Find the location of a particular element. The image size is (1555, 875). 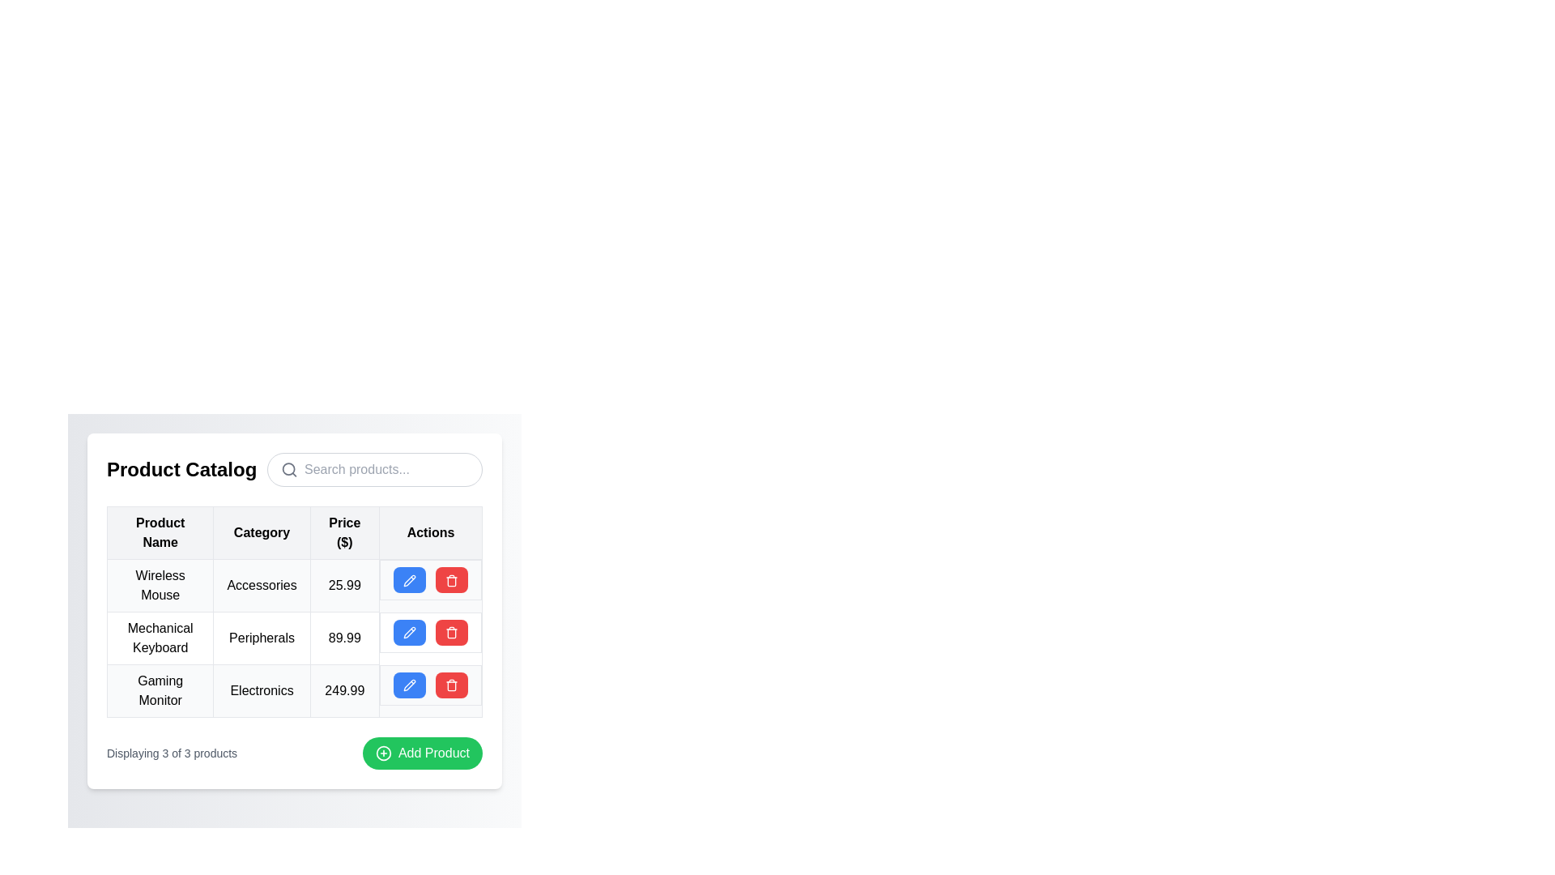

the green 'Add Product' button with a white plus sign icon to initiate adding a product is located at coordinates (423, 753).